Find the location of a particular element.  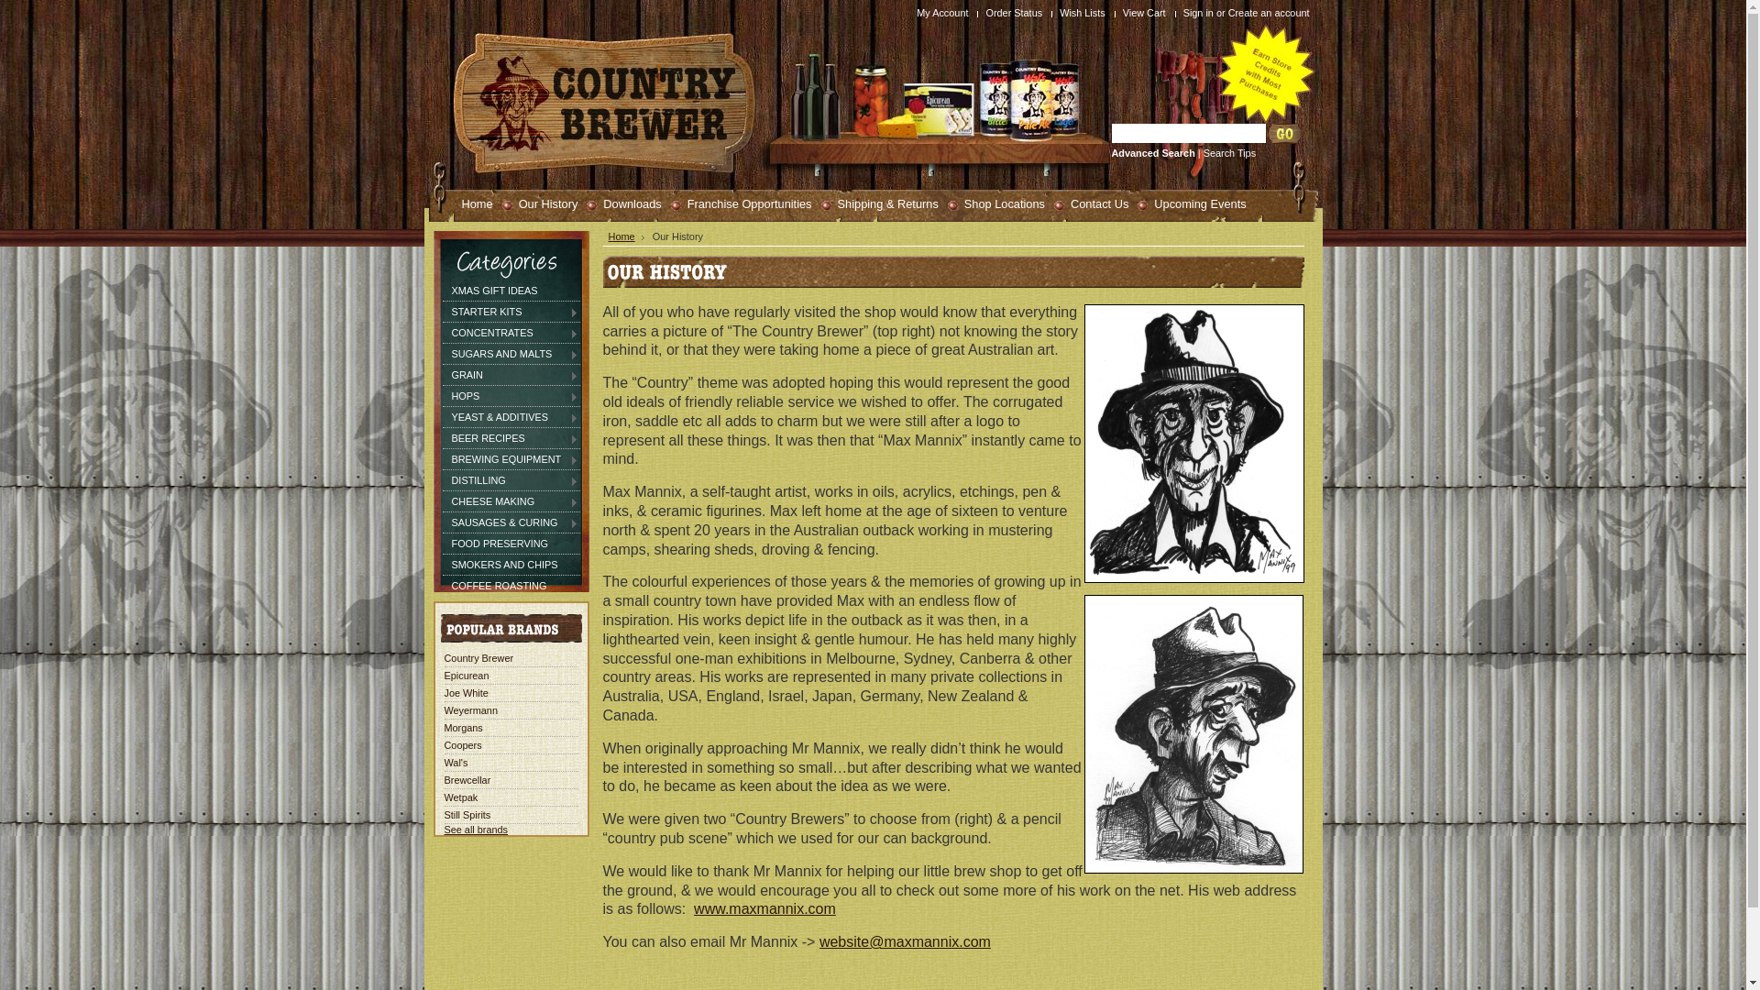

'Franchise Opportunities' is located at coordinates (742, 203).